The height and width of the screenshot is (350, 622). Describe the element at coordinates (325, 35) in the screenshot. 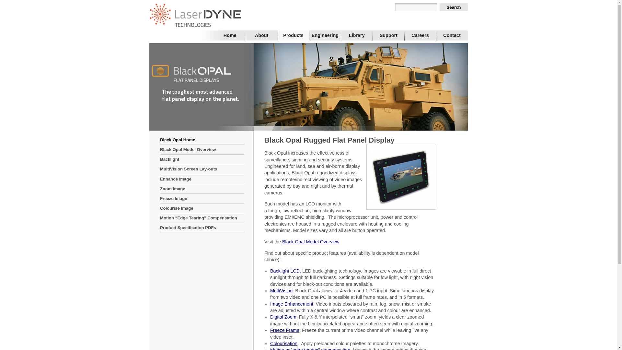

I see `'Engineering'` at that location.